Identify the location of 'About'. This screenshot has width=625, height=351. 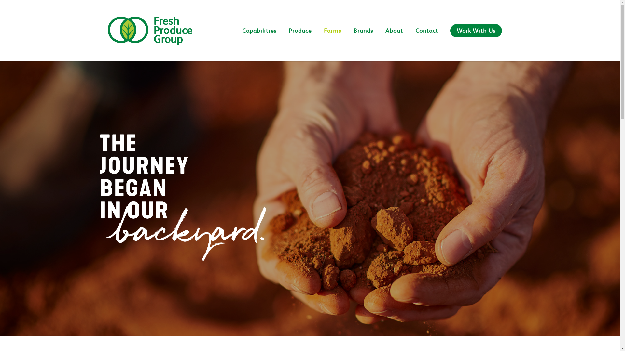
(380, 39).